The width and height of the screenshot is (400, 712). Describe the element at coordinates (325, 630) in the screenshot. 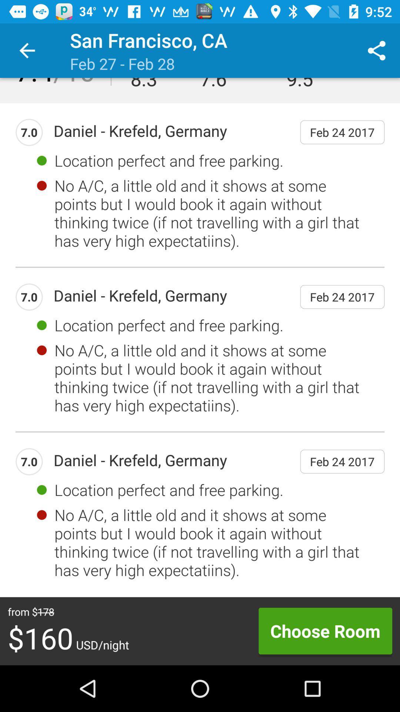

I see `item at the bottom right corner` at that location.